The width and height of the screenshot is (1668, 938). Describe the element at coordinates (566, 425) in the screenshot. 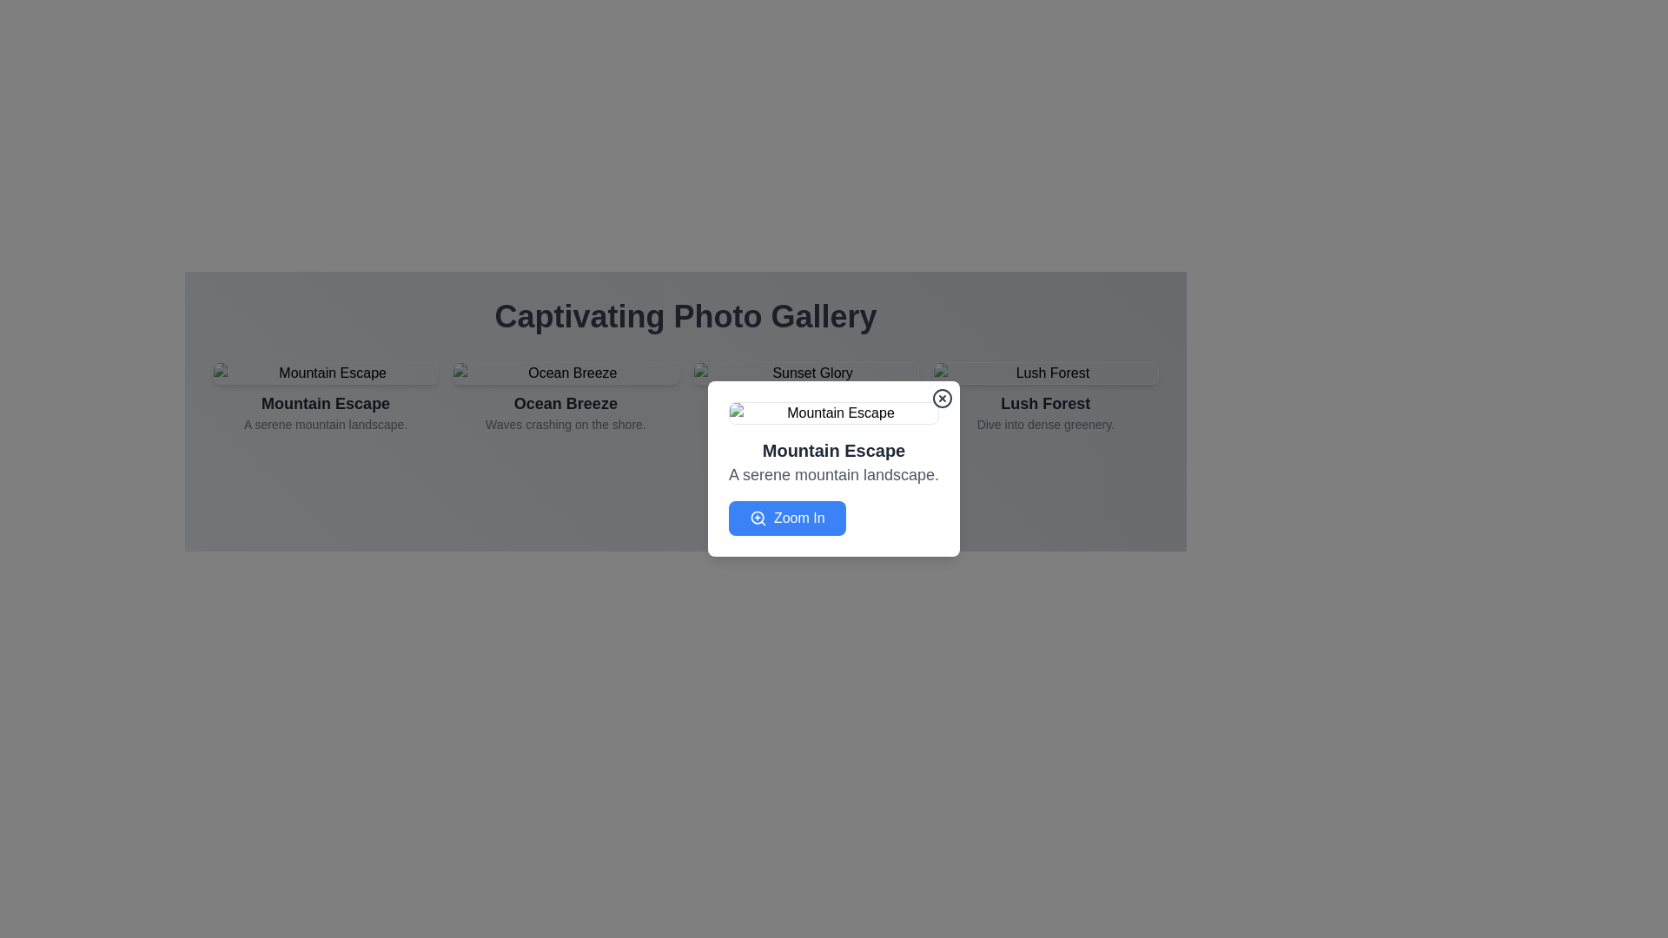

I see `text caption 'Waves crashing on the shore.' located beneath the title 'Ocean Breeze' in a smaller-sized font with a gray hue` at that location.